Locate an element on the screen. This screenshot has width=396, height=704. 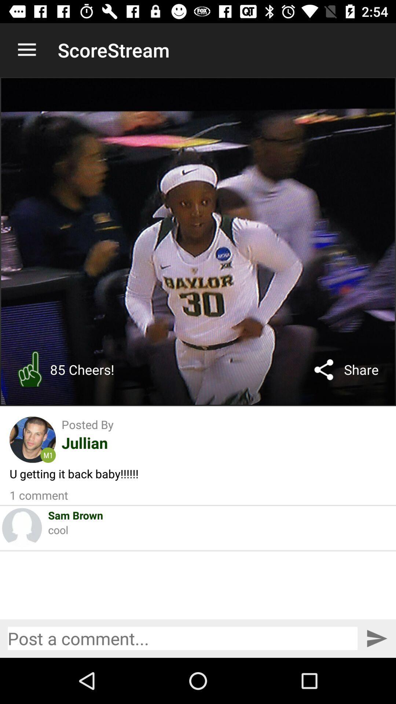
the cool icon is located at coordinates (58, 529).